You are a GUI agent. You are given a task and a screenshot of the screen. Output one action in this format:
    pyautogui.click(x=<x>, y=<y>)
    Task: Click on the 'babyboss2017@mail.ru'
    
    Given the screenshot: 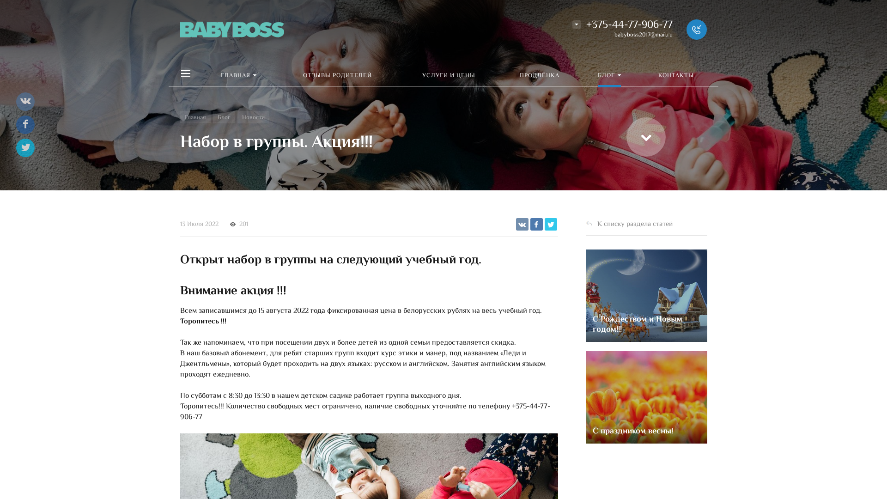 What is the action you would take?
    pyautogui.click(x=643, y=35)
    